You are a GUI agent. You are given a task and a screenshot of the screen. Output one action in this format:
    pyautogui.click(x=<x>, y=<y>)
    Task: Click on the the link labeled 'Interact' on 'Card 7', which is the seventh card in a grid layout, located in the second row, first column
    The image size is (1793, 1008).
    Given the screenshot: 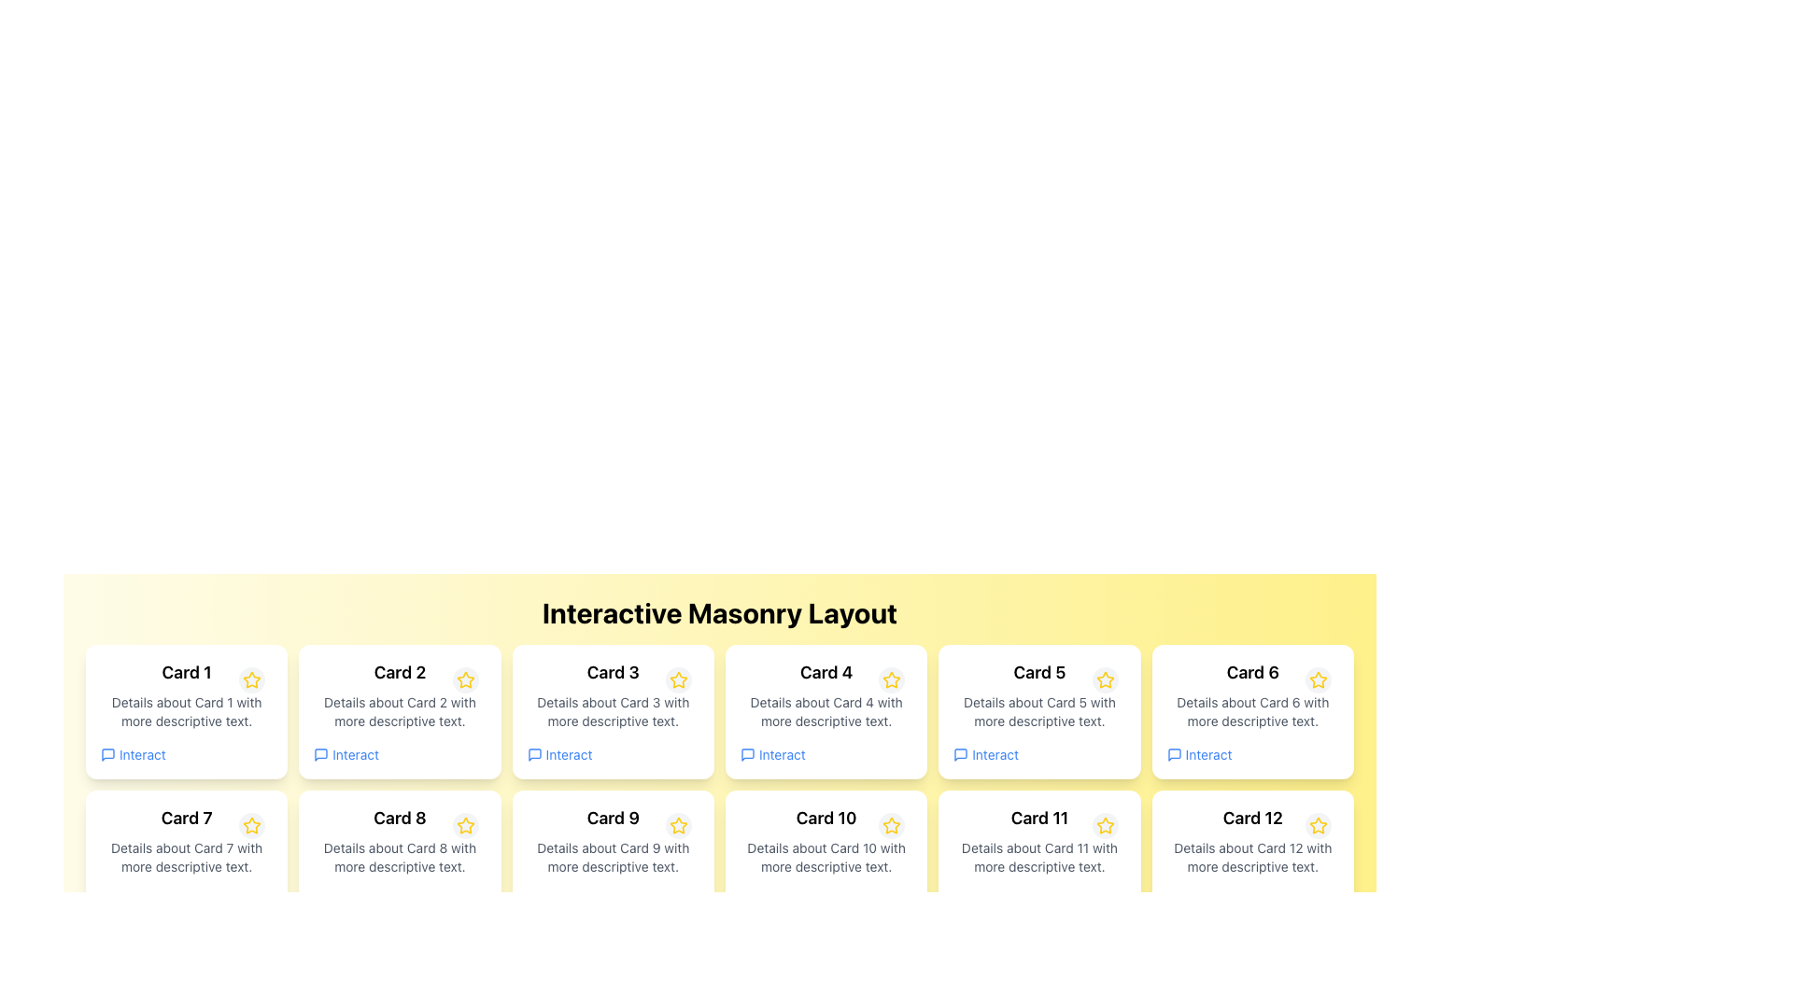 What is the action you would take?
    pyautogui.click(x=187, y=857)
    